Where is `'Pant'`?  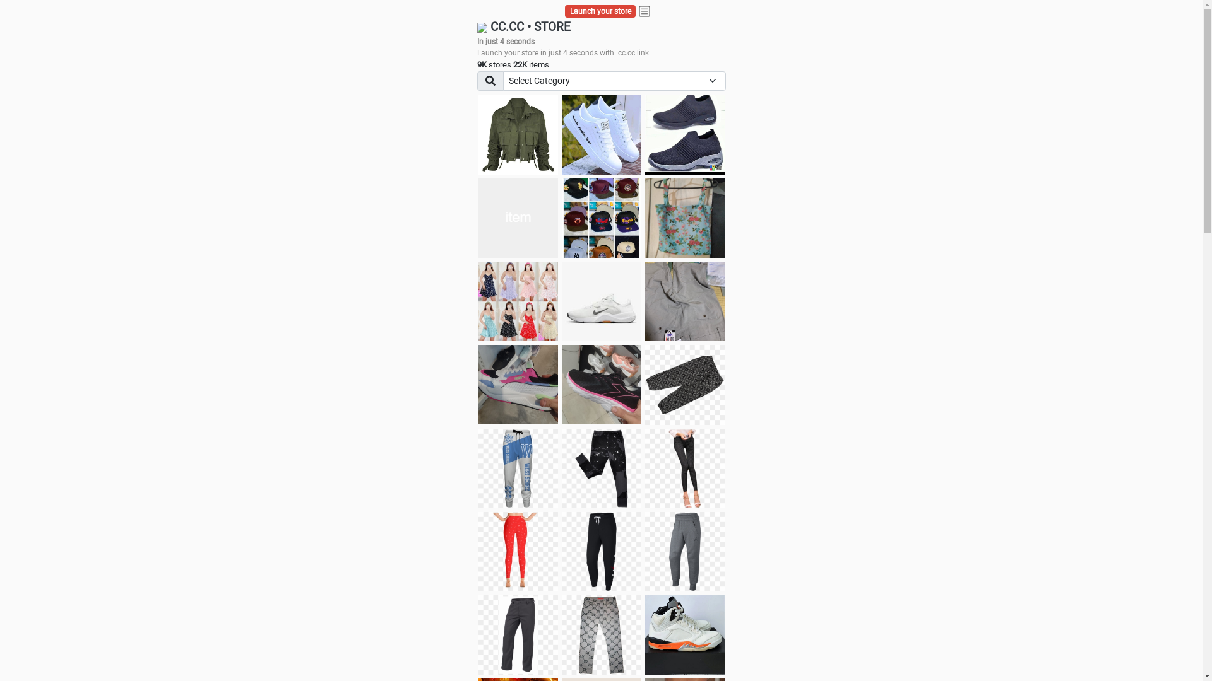
'Pant' is located at coordinates (518, 634).